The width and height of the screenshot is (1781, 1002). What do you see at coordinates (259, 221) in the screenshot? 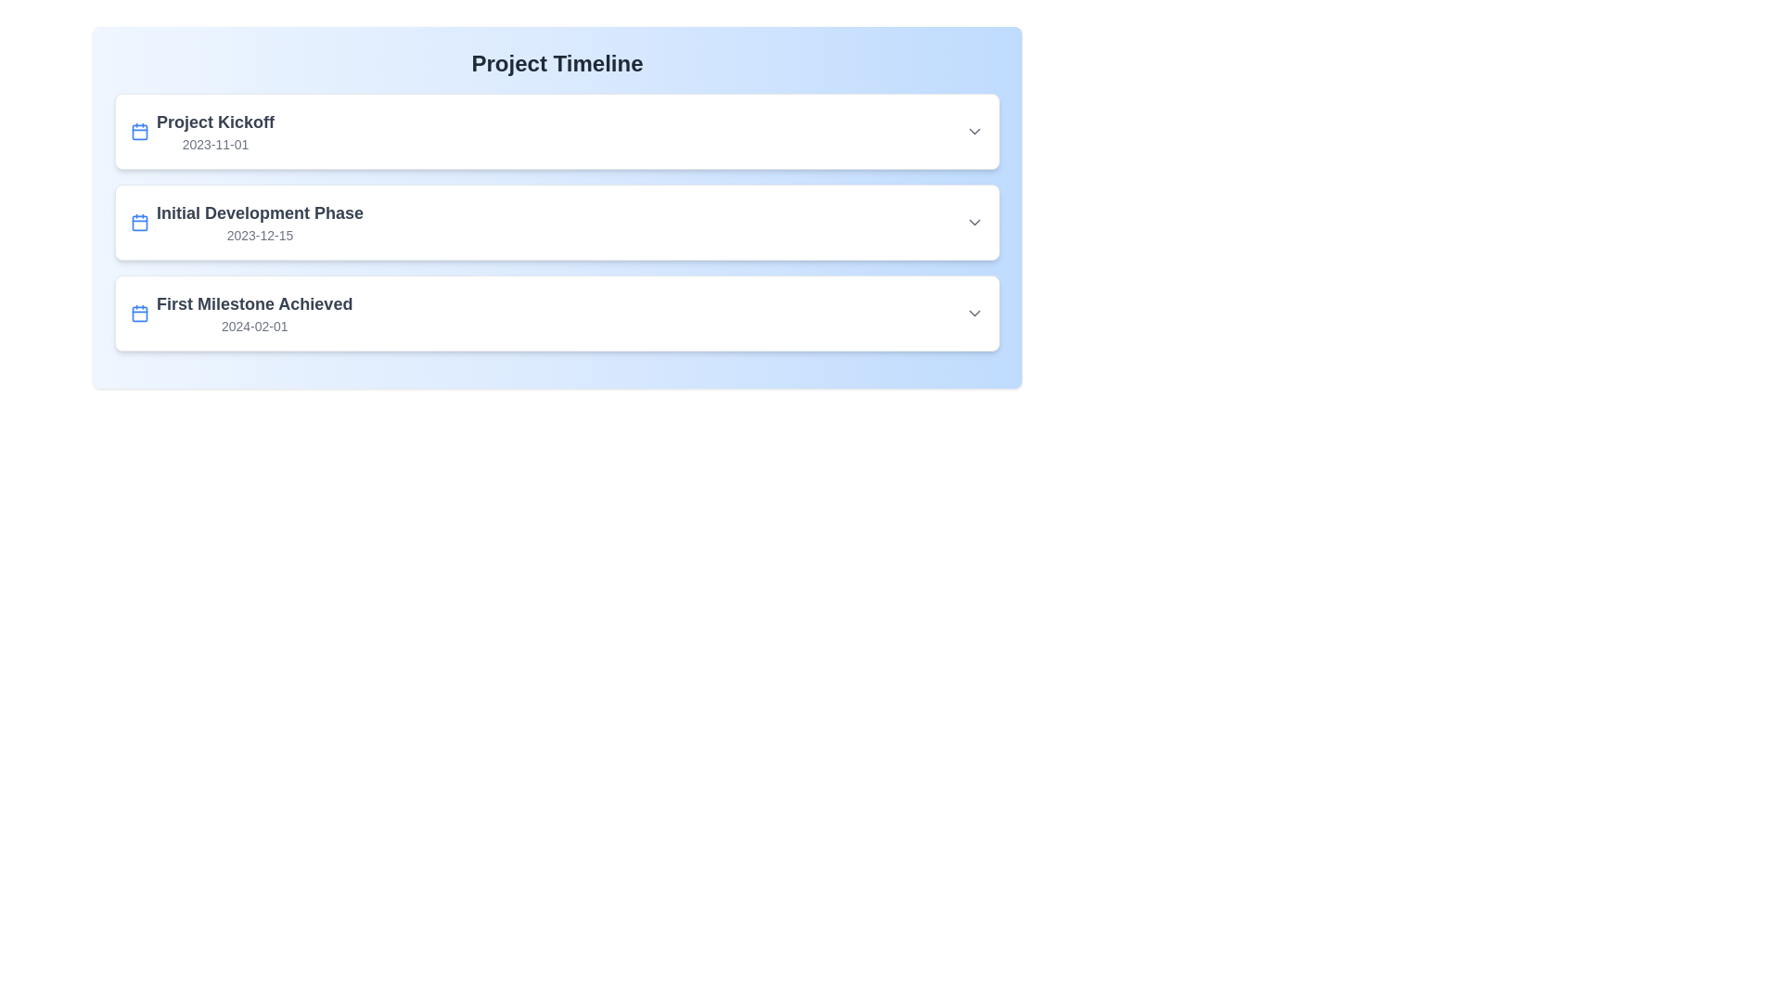
I see `text indicating the milestone labeled 'Initial Development Phase' located in the second position of a vertical list, between 'Project Kickoff' and 'First Milestone Achieved'` at bounding box center [259, 221].